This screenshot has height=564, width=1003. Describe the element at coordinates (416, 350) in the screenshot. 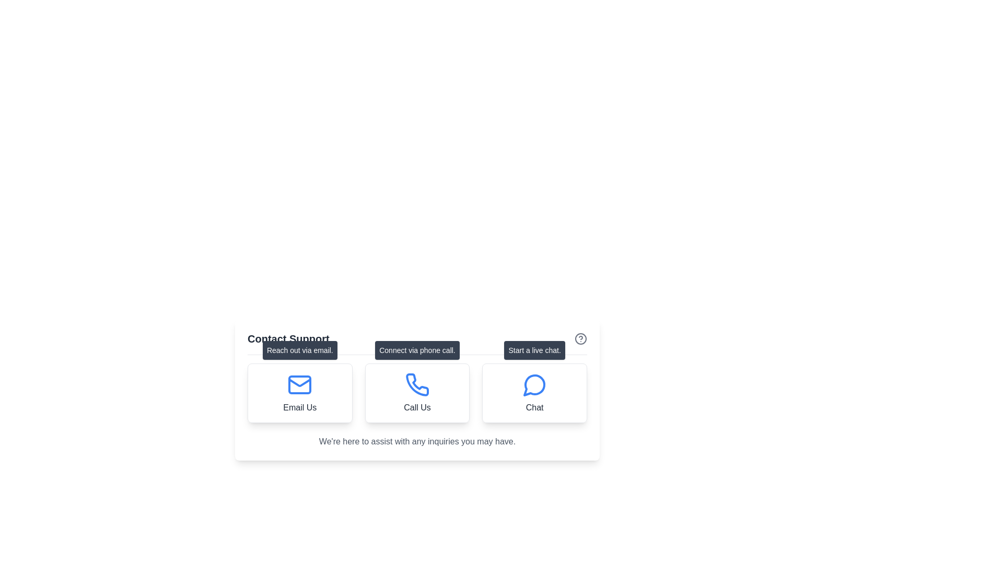

I see `the informational tooltip that provides guidance related to the 'Call Us' option in the contact support section, positioned above the 'Call Us' card` at that location.